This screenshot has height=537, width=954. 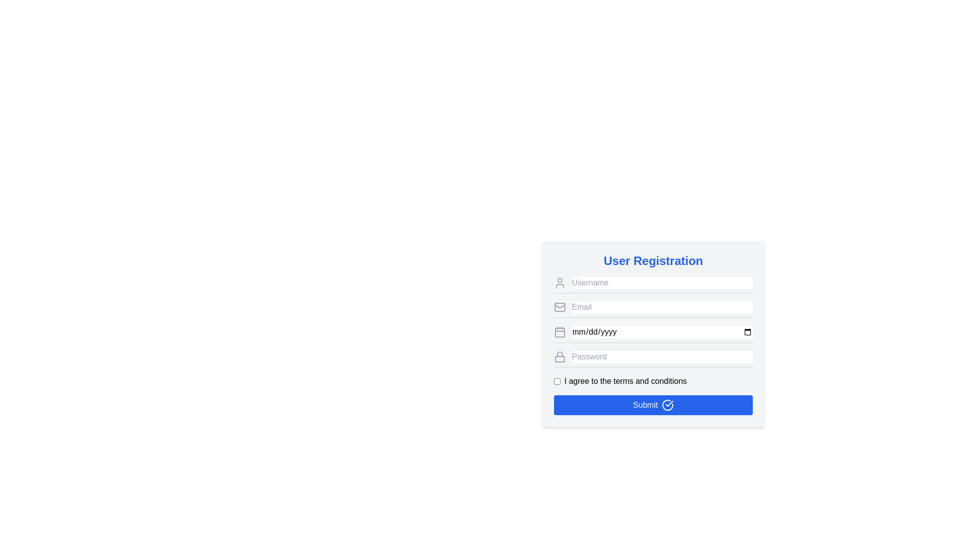 What do you see at coordinates (653, 334) in the screenshot?
I see `the Date input field, which allows users to input a date` at bounding box center [653, 334].